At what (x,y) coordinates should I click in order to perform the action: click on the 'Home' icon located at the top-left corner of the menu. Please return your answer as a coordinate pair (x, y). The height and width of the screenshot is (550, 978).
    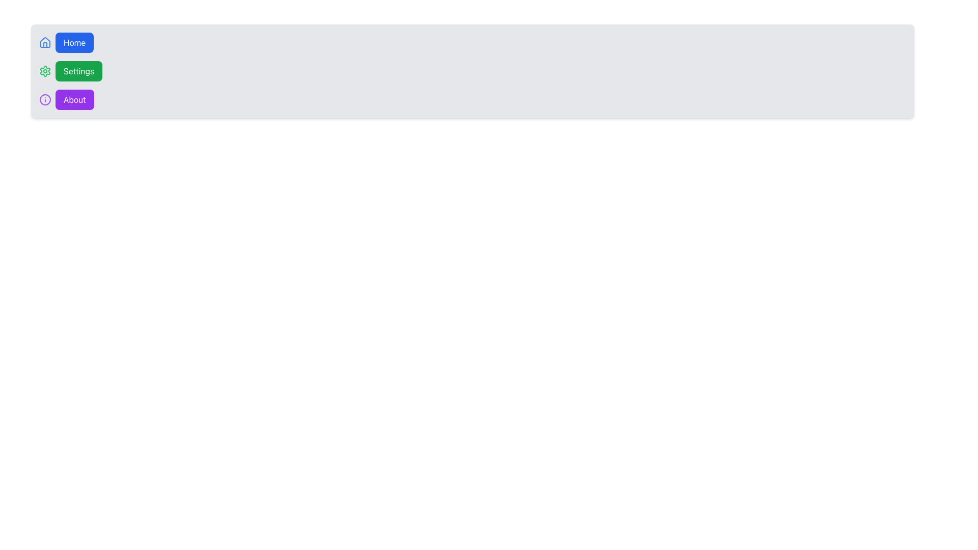
    Looking at the image, I should click on (45, 42).